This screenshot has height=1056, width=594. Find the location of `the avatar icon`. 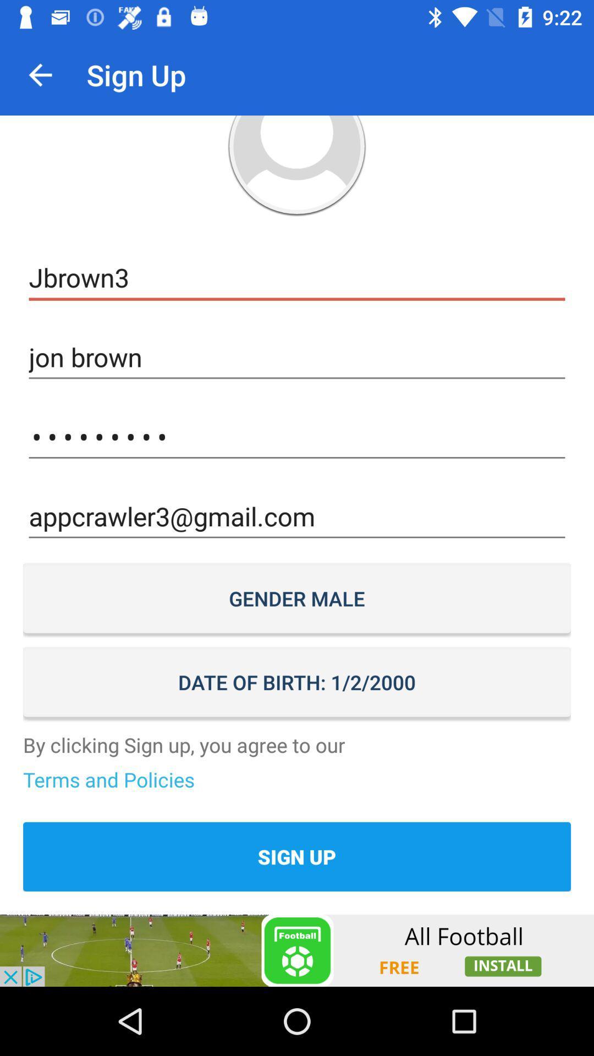

the avatar icon is located at coordinates (297, 165).